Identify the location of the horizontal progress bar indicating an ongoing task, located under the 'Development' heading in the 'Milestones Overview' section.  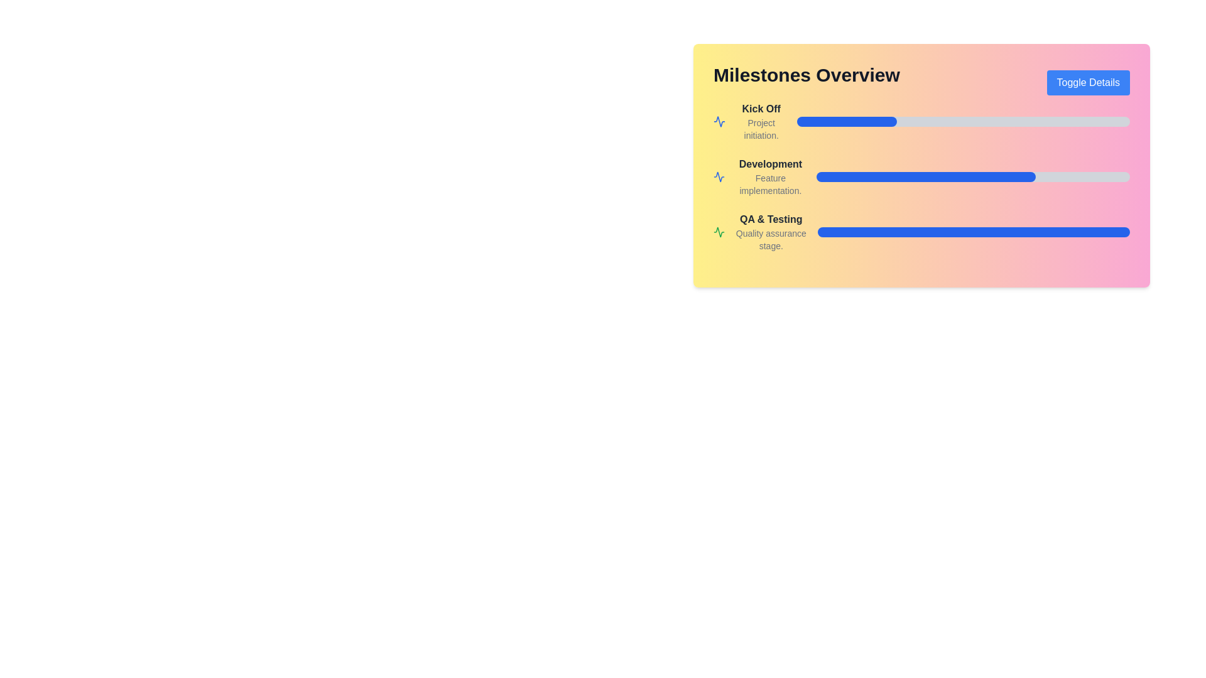
(921, 176).